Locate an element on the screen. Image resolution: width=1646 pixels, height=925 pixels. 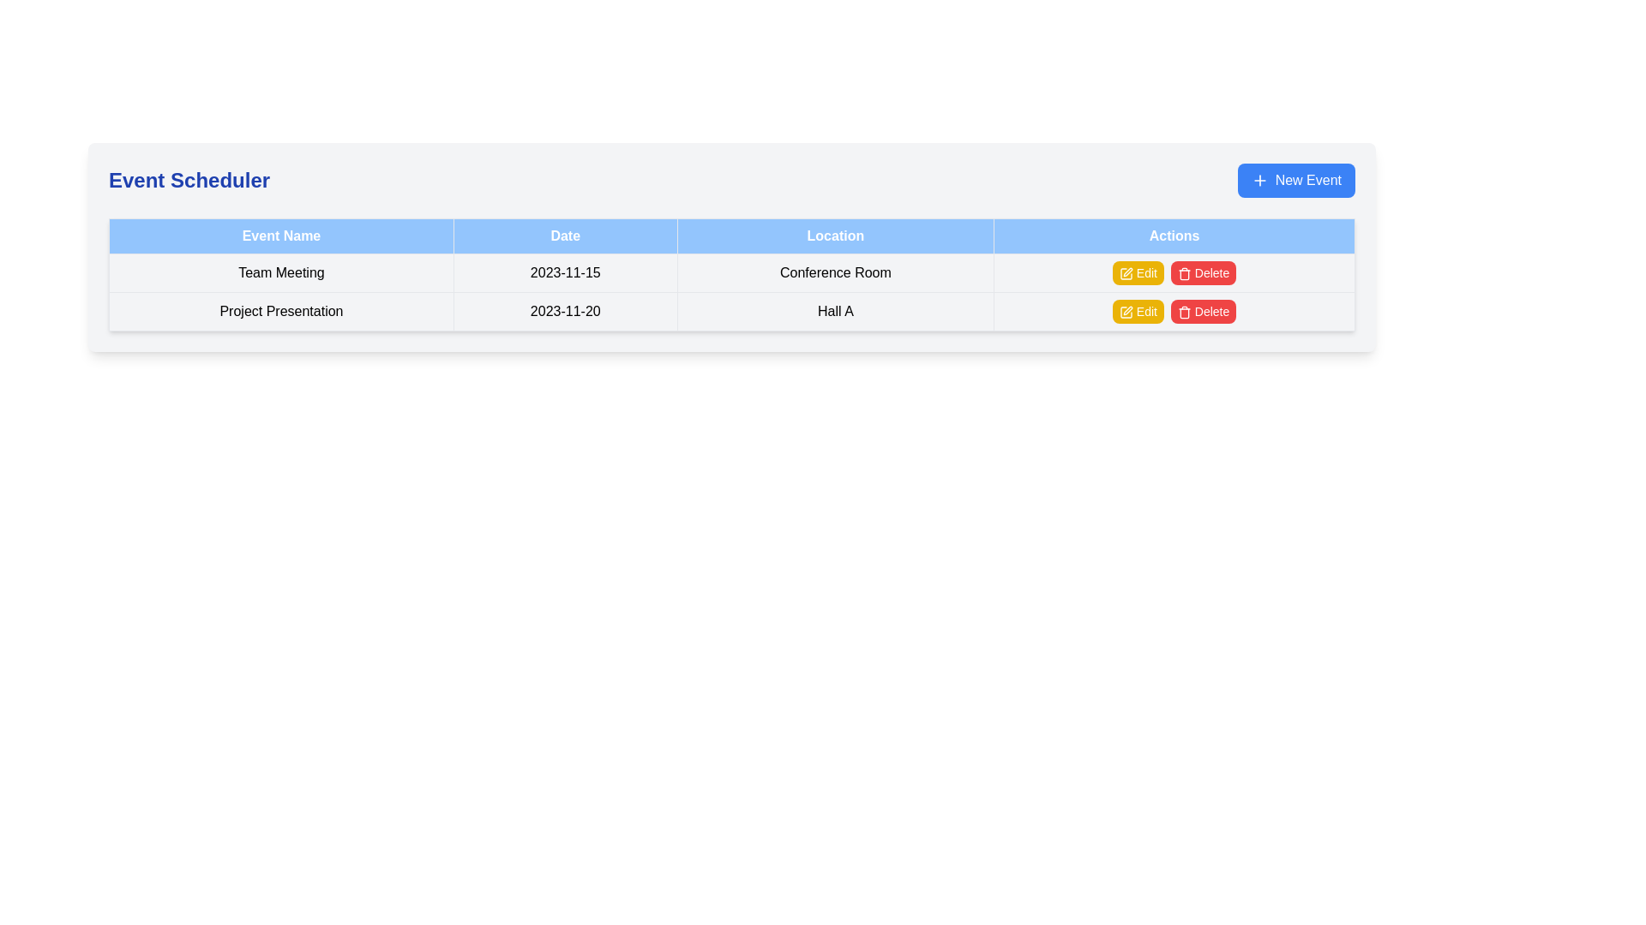
the 'Actions' column header cell in the table, which is the fourth header cell located in the top row, aligned to the right of 'Event Name', 'Date', and 'Location' is located at coordinates (1174, 236).